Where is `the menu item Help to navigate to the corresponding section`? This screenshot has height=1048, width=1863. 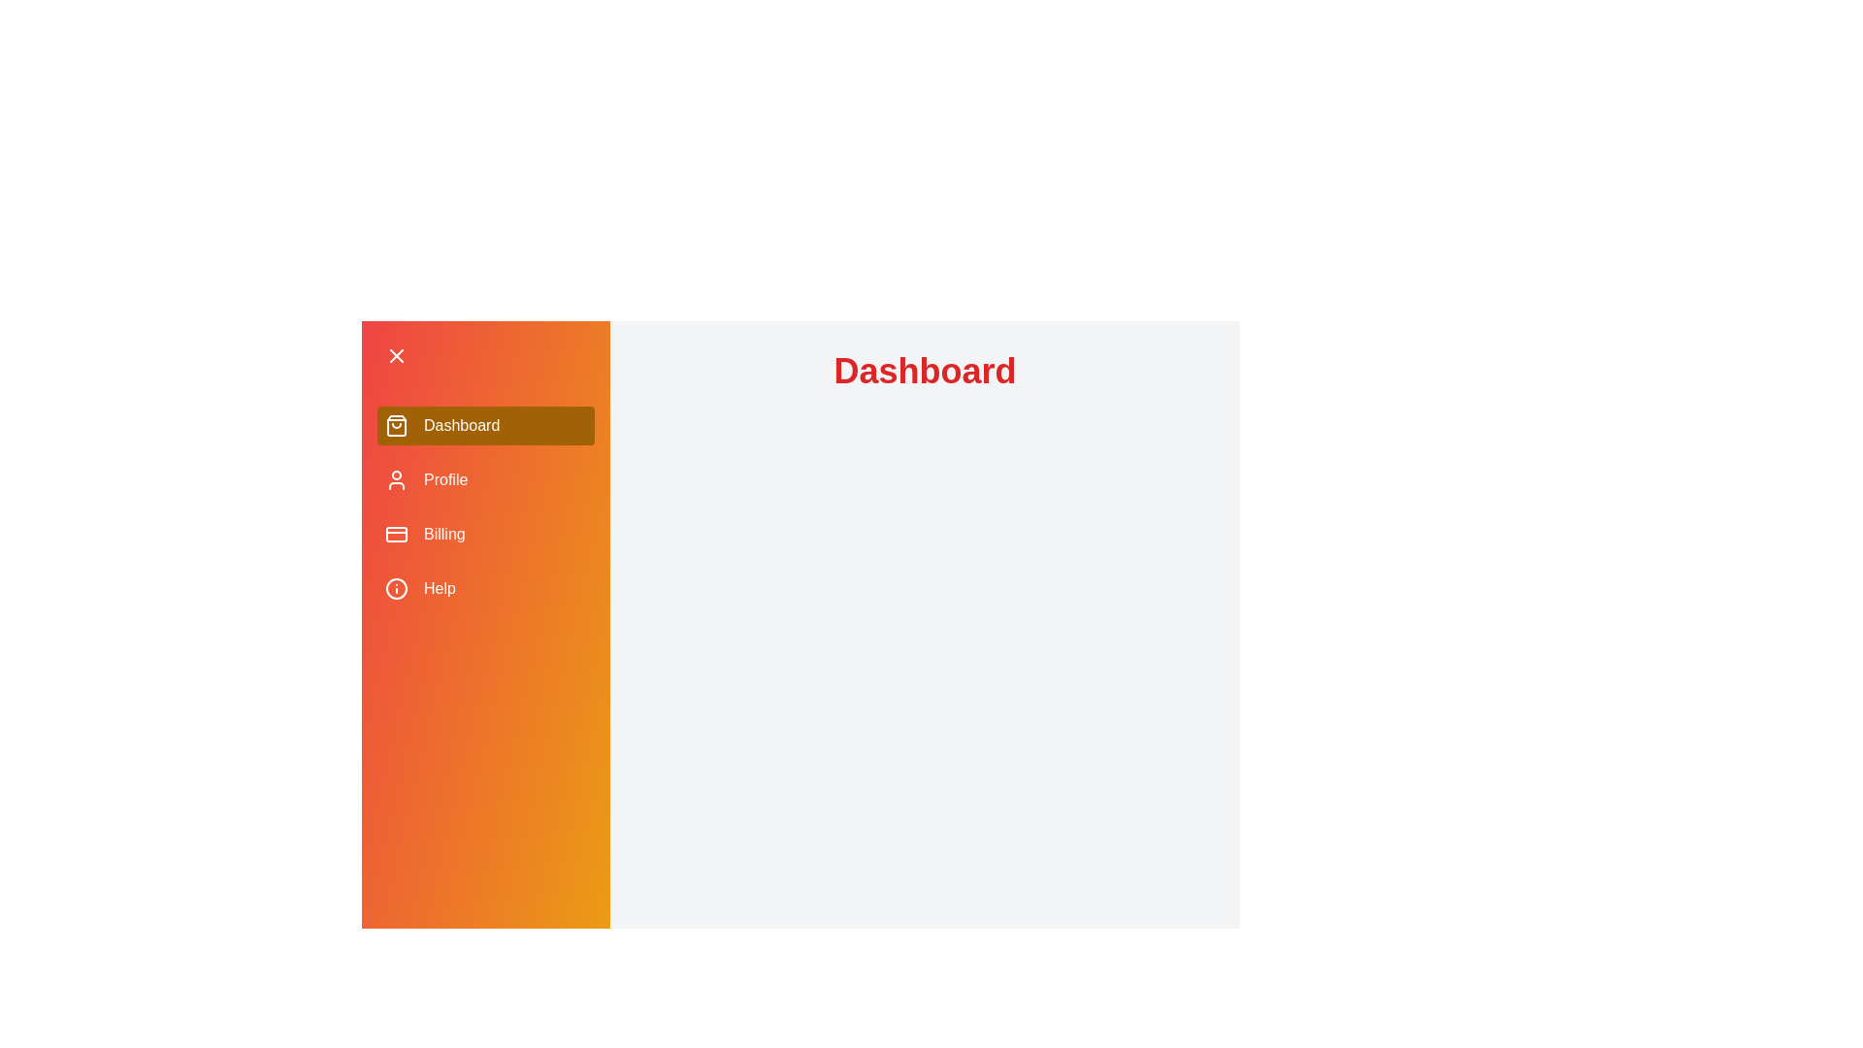 the menu item Help to navigate to the corresponding section is located at coordinates (485, 587).